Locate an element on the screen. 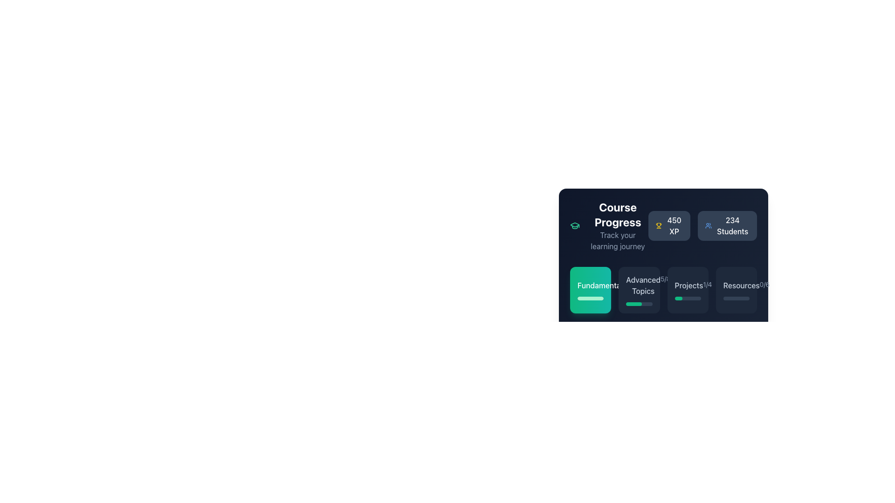 This screenshot has width=895, height=503. the 'Fundamentals' label text, which is styled in white on a green background and is the first card in the 'Course Progress' section is located at coordinates (602, 285).